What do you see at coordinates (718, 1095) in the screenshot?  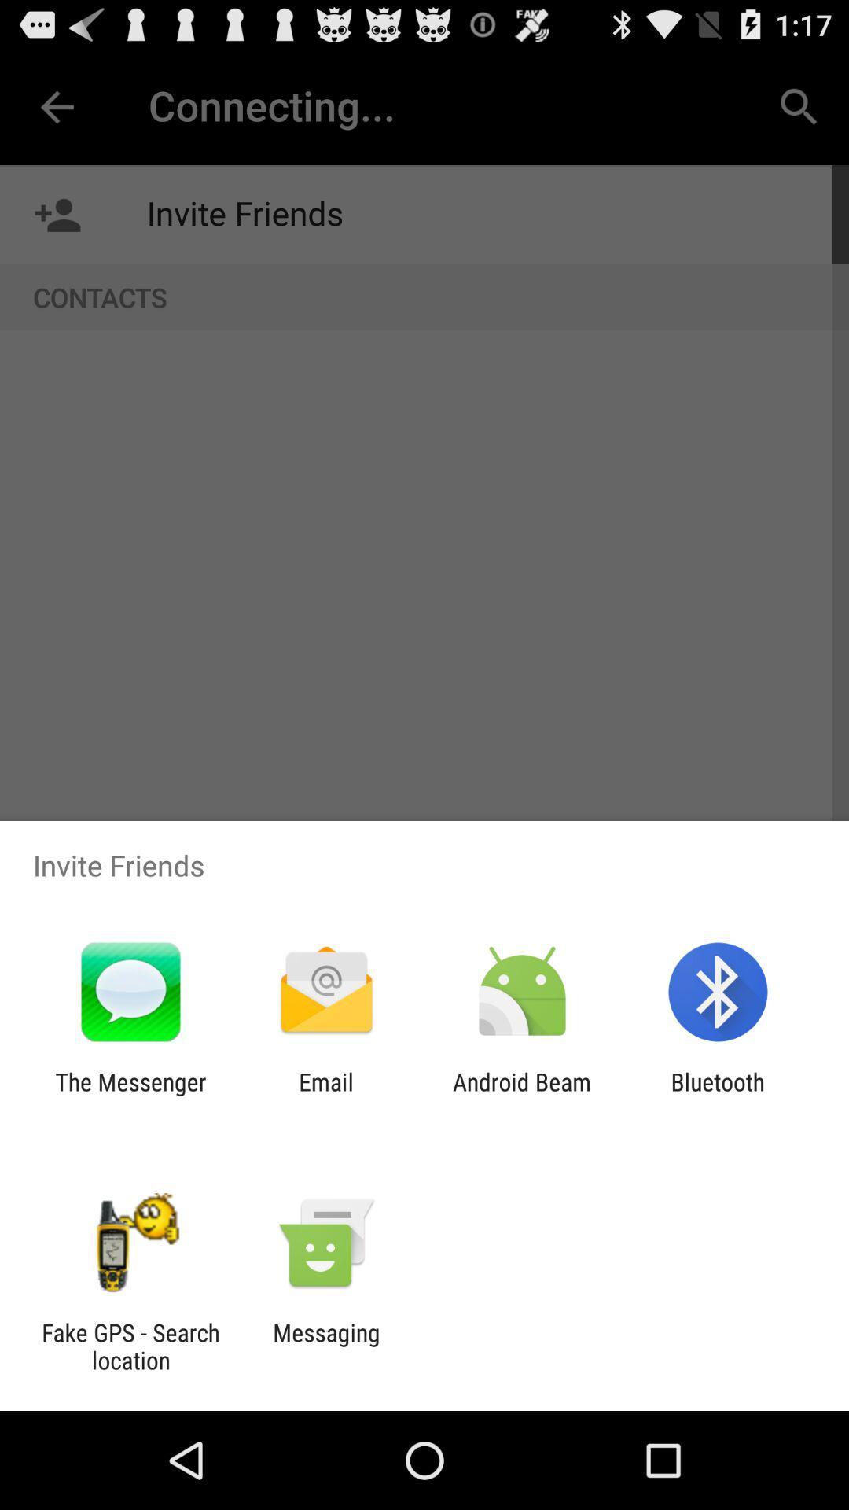 I see `the item to the right of android beam item` at bounding box center [718, 1095].